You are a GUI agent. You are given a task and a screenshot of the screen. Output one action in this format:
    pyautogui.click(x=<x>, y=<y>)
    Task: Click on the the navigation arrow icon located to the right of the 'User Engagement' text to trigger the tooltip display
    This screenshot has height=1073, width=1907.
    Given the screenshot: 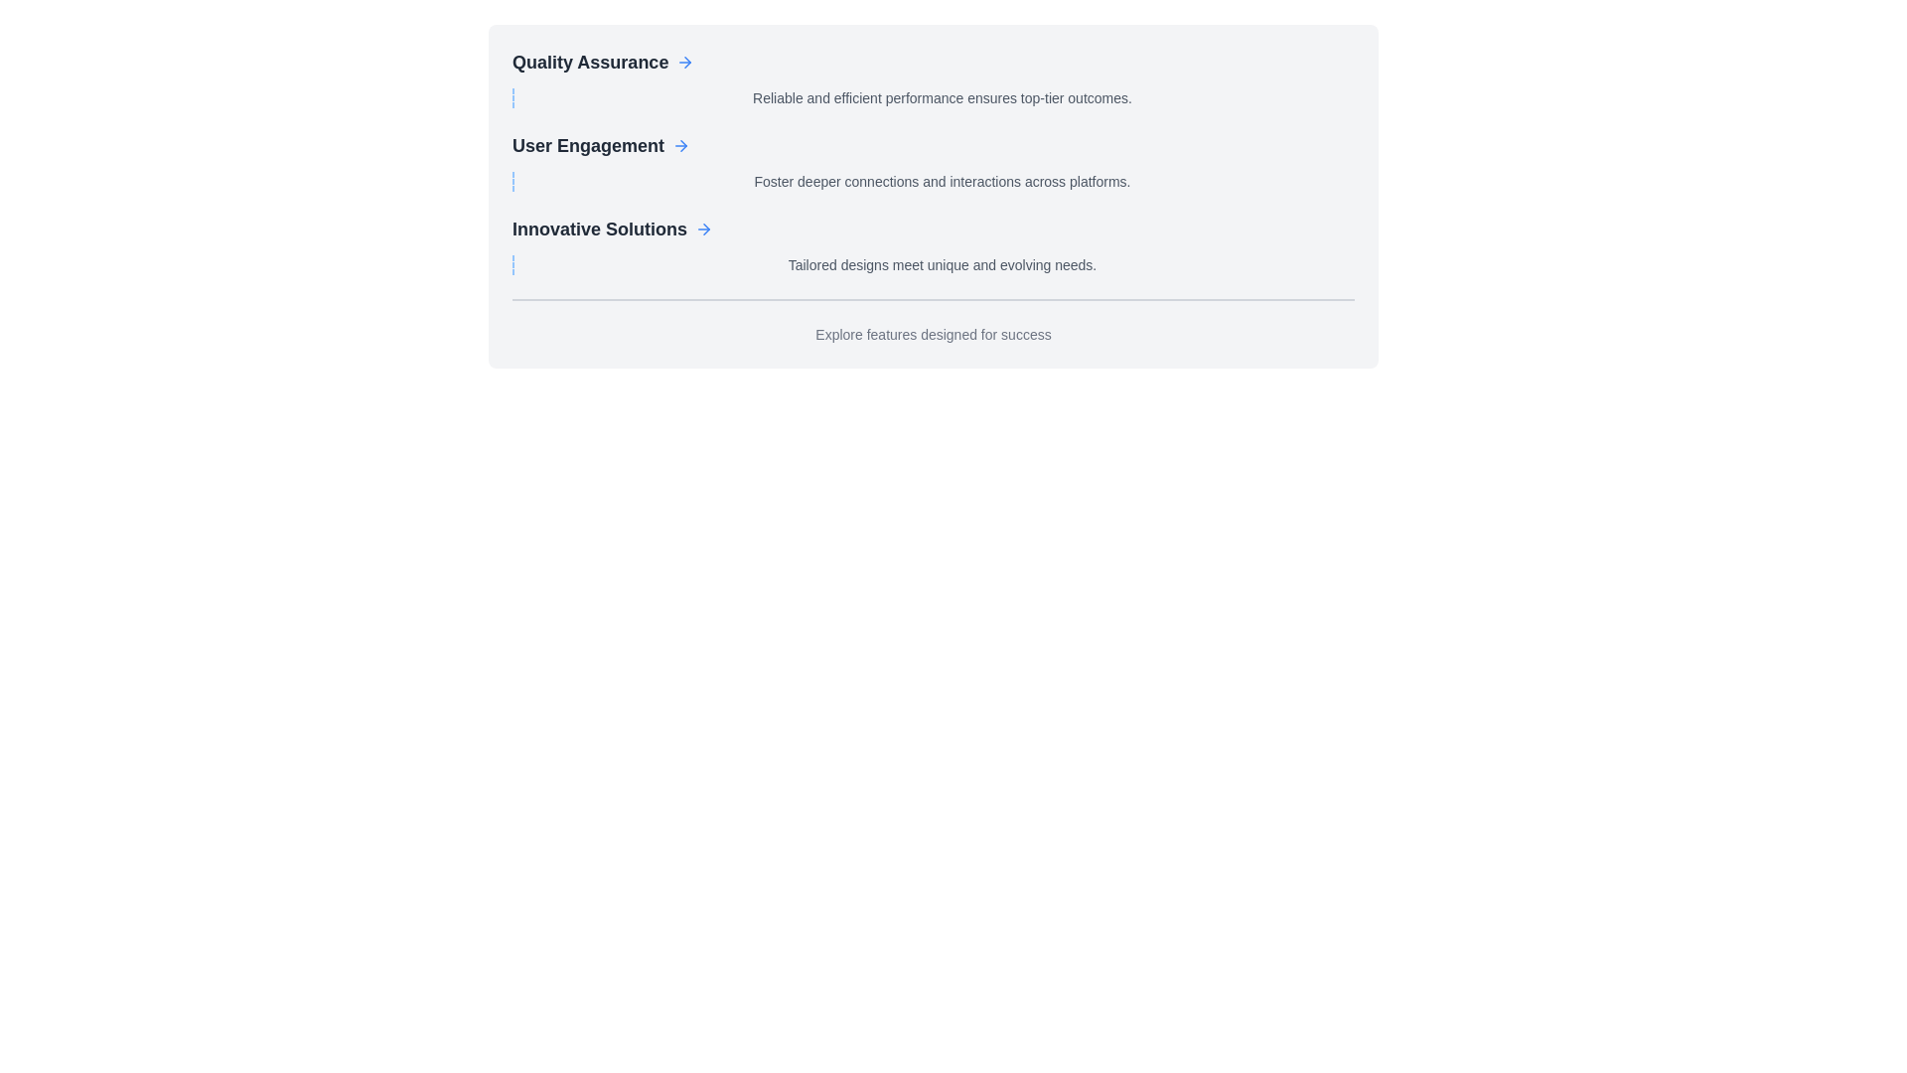 What is the action you would take?
    pyautogui.click(x=681, y=144)
    